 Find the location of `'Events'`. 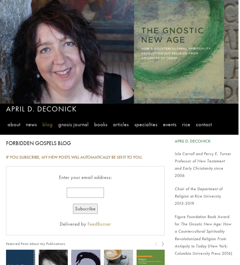

'Events' is located at coordinates (169, 124).